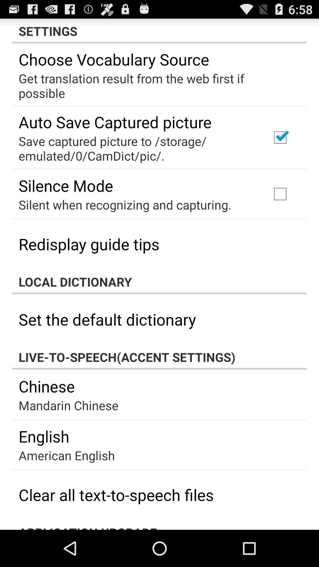 The width and height of the screenshot is (319, 567). What do you see at coordinates (125, 204) in the screenshot?
I see `the icon below silence mode icon` at bounding box center [125, 204].